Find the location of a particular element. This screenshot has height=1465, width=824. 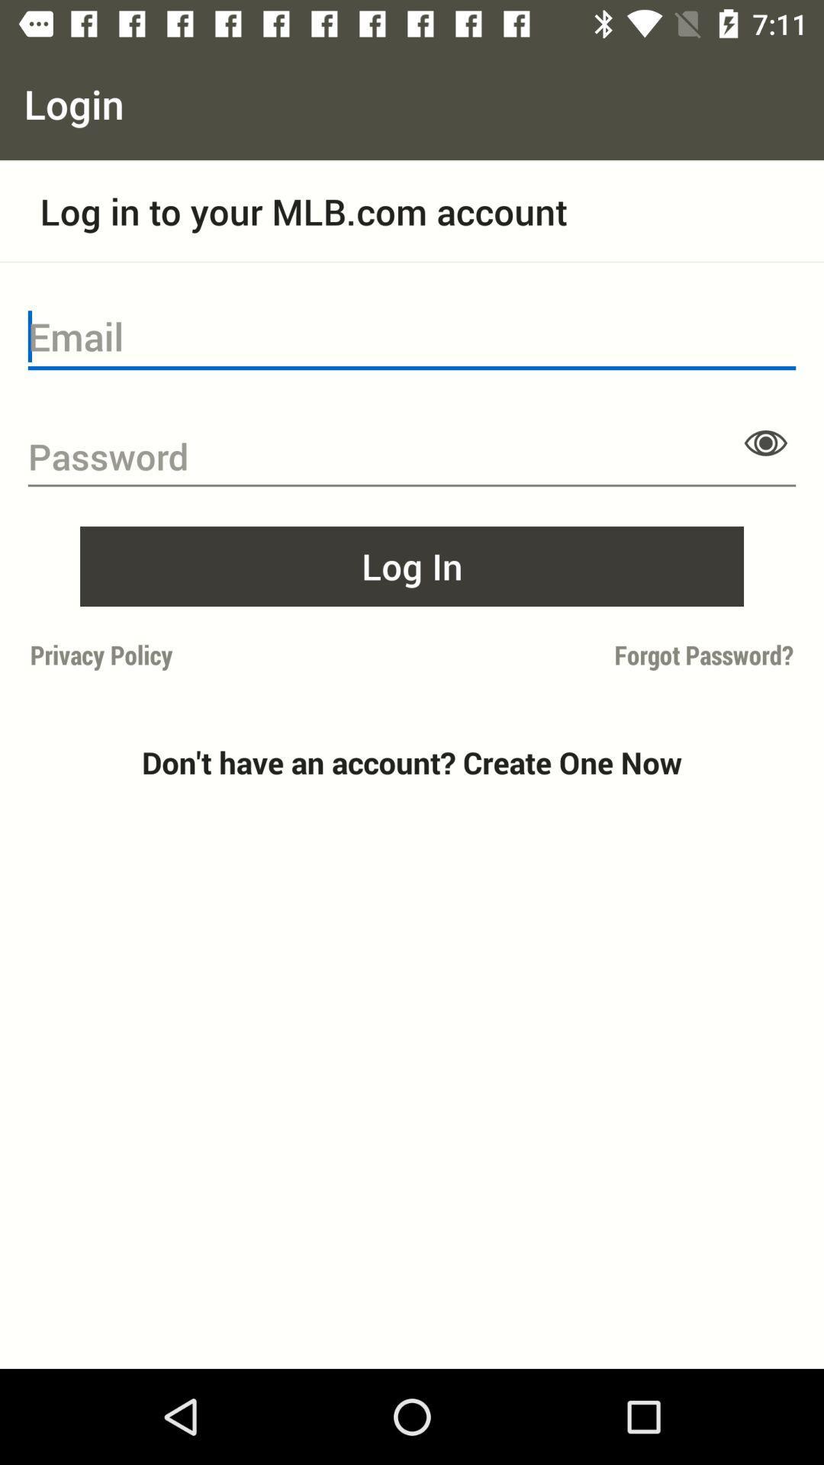

email address is located at coordinates (412, 336).